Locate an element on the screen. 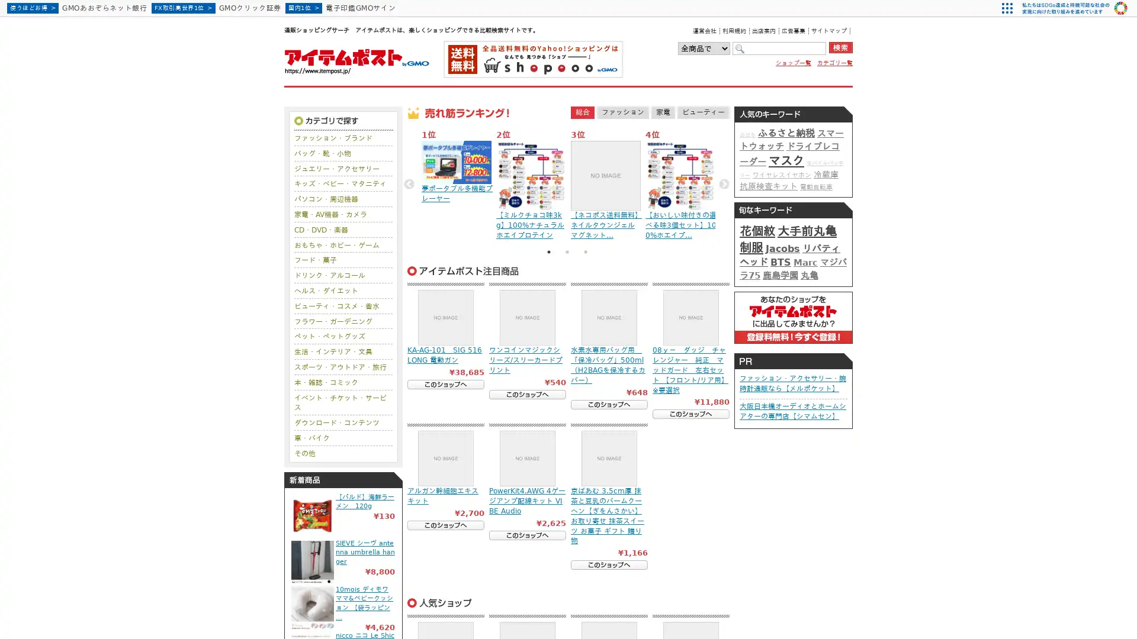 The image size is (1137, 639). 2 is located at coordinates (566, 251).